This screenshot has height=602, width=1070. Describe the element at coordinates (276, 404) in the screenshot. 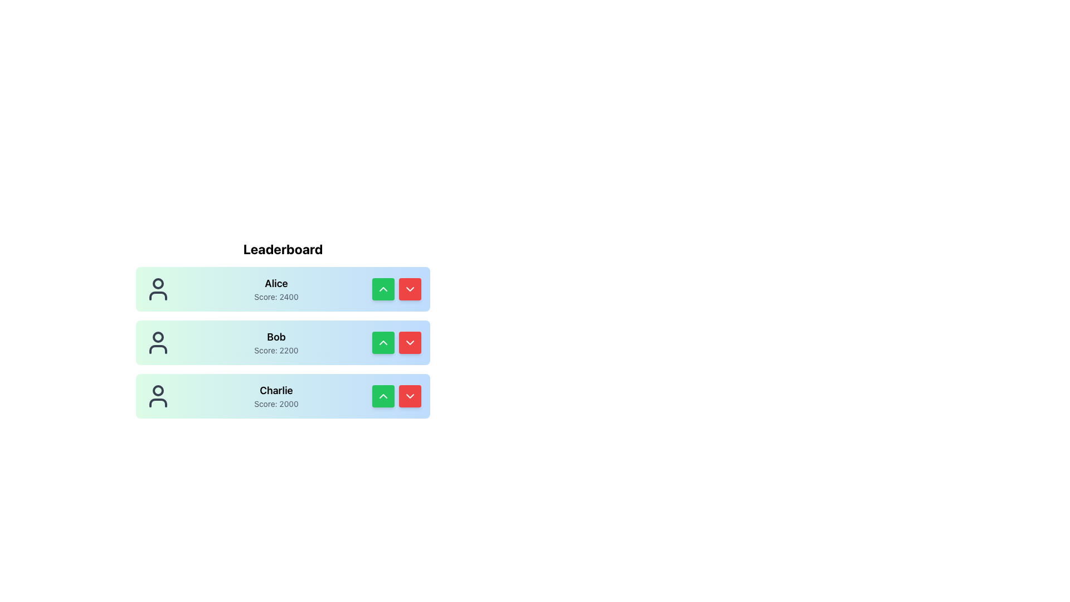

I see `text content of the score label for 'Charlie' in the leaderboard, which is located beneath the name 'Charlie' and aligned to the left-hand side` at that location.